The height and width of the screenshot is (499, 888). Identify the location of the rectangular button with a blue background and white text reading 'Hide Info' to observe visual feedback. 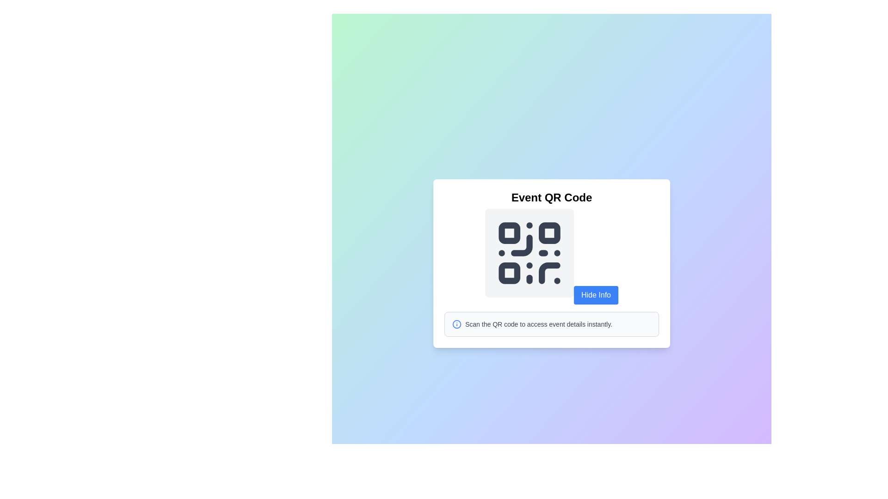
(596, 295).